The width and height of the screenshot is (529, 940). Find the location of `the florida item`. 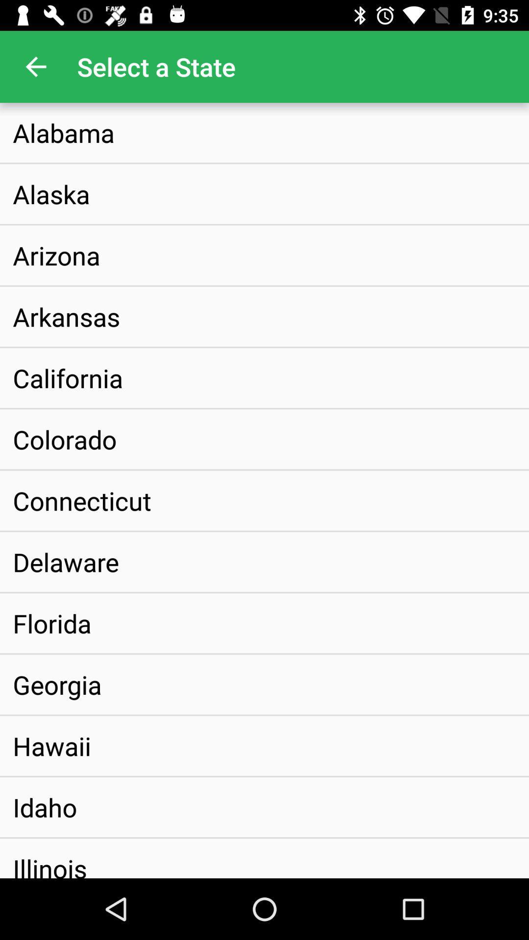

the florida item is located at coordinates (52, 623).